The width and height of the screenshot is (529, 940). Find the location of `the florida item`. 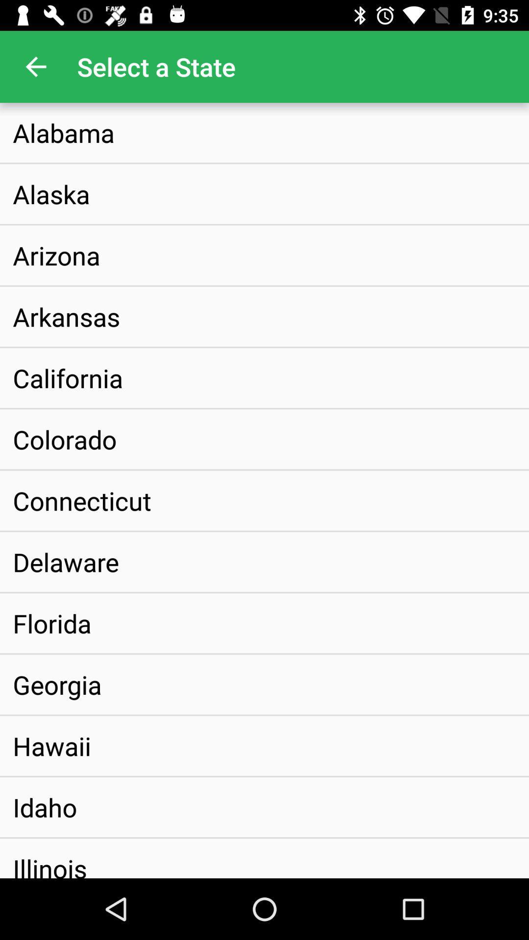

the florida item is located at coordinates (52, 623).